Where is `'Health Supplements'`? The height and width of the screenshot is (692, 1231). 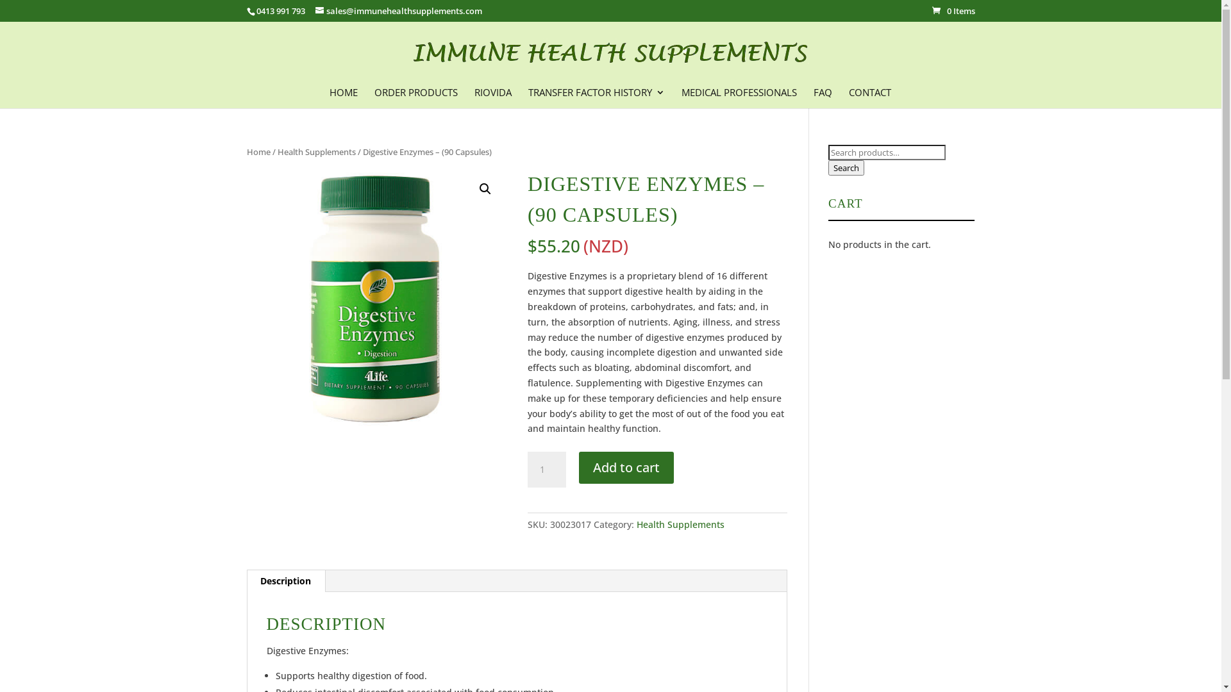 'Health Supplements' is located at coordinates (316, 151).